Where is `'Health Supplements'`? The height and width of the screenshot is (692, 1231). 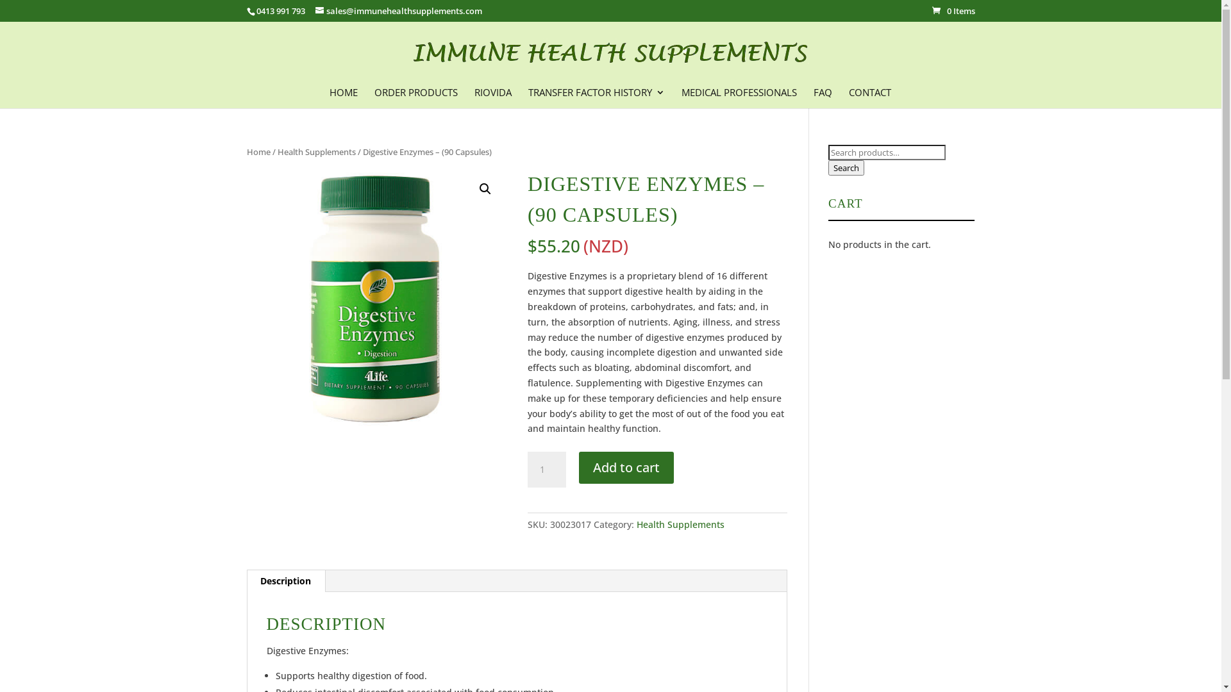 'Health Supplements' is located at coordinates (316, 151).